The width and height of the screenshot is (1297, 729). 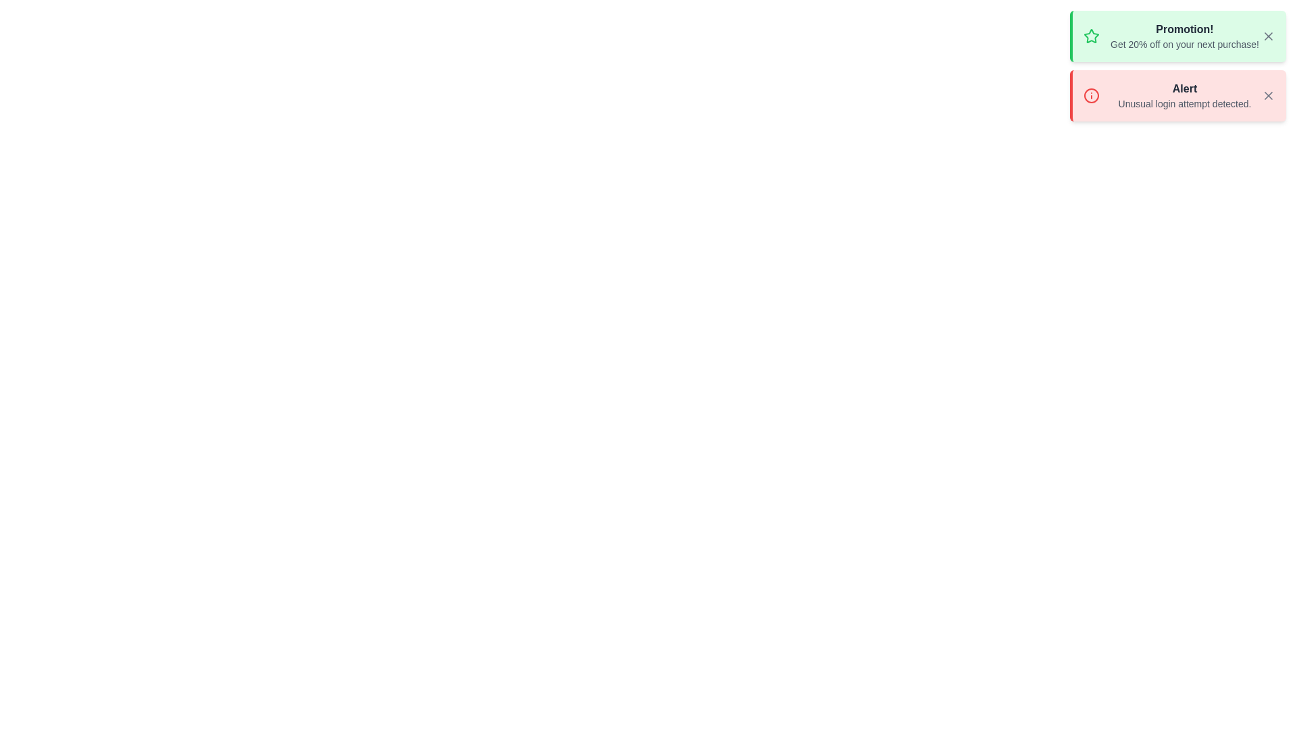 What do you see at coordinates (1184, 43) in the screenshot?
I see `the informative text label that provides additional details about the promotion, located below the title 'Promotion!' within a green card in the upper-right corner of the interface` at bounding box center [1184, 43].